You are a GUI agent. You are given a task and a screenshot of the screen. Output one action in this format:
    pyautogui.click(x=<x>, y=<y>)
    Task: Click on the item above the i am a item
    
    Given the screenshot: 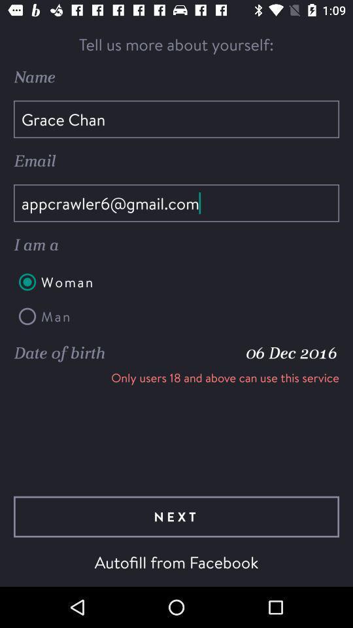 What is the action you would take?
    pyautogui.click(x=176, y=203)
    